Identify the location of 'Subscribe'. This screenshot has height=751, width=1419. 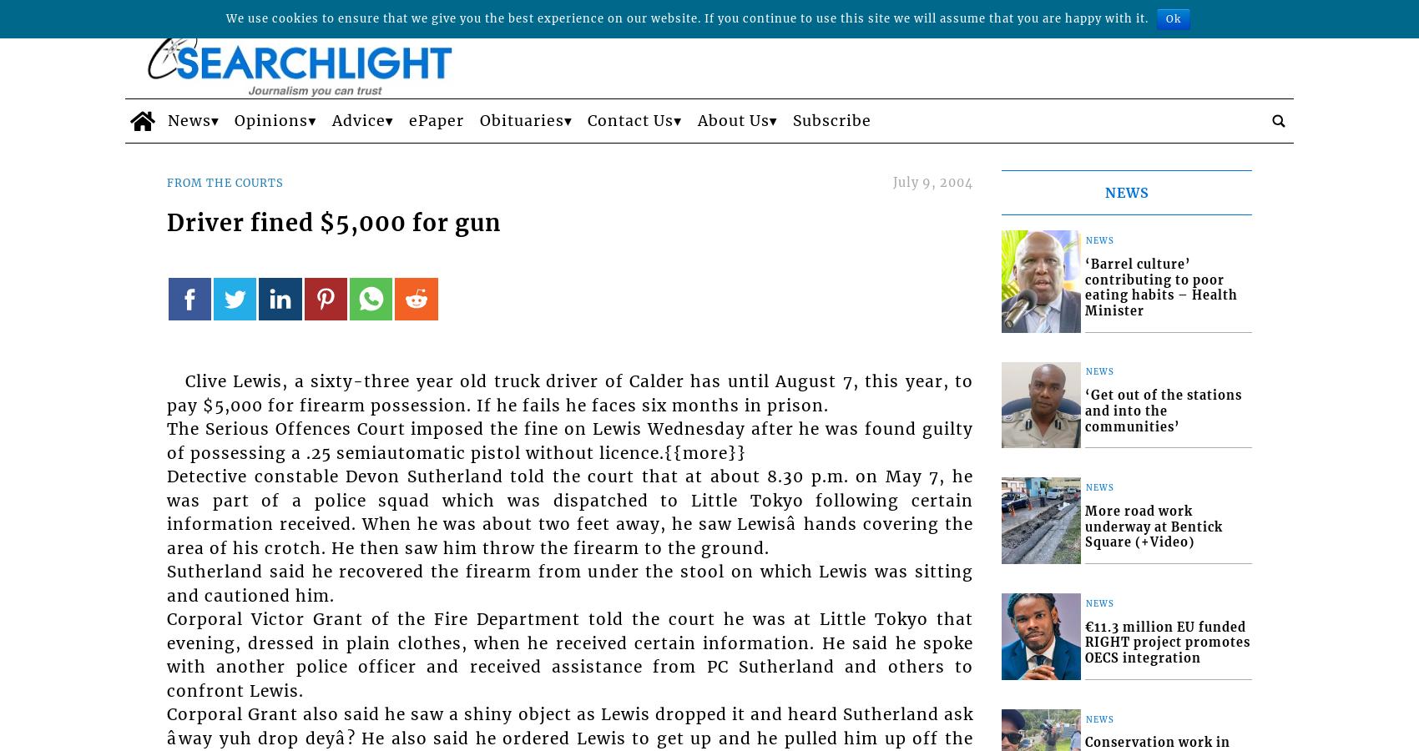
(831, 120).